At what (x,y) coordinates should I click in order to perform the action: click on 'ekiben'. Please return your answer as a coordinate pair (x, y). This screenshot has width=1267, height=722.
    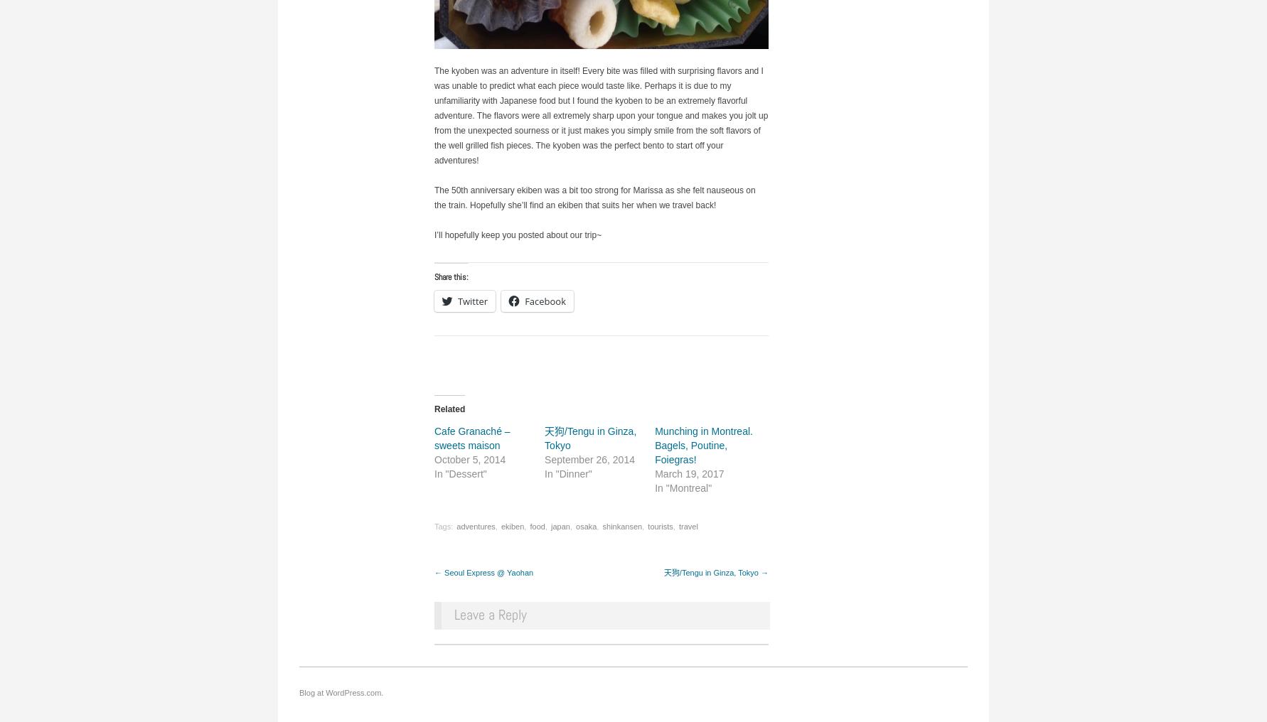
    Looking at the image, I should click on (512, 525).